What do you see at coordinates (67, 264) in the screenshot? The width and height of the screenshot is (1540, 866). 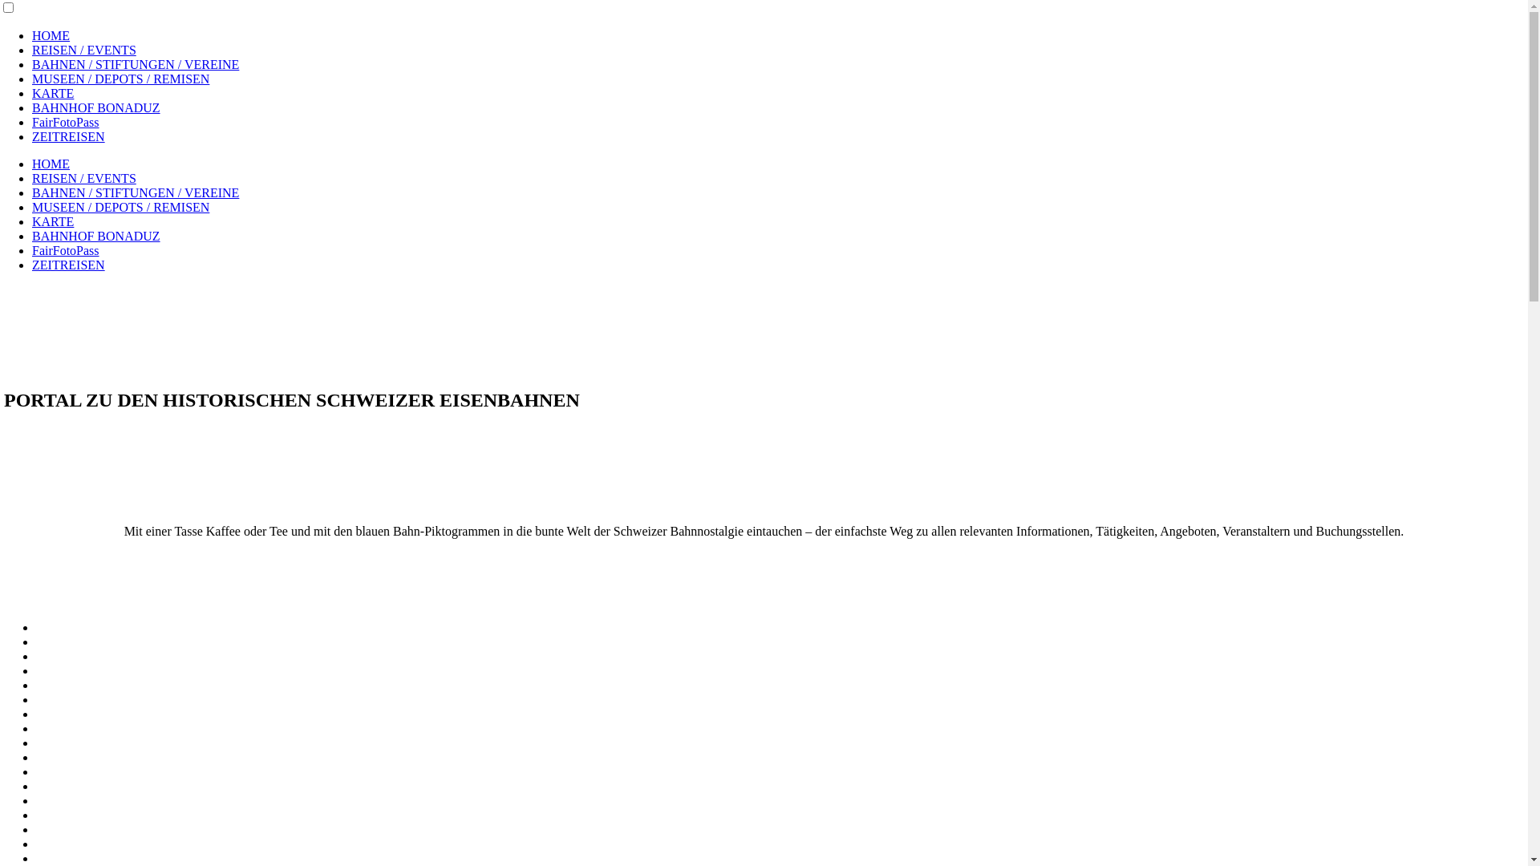 I see `'ZEITREISEN'` at bounding box center [67, 264].